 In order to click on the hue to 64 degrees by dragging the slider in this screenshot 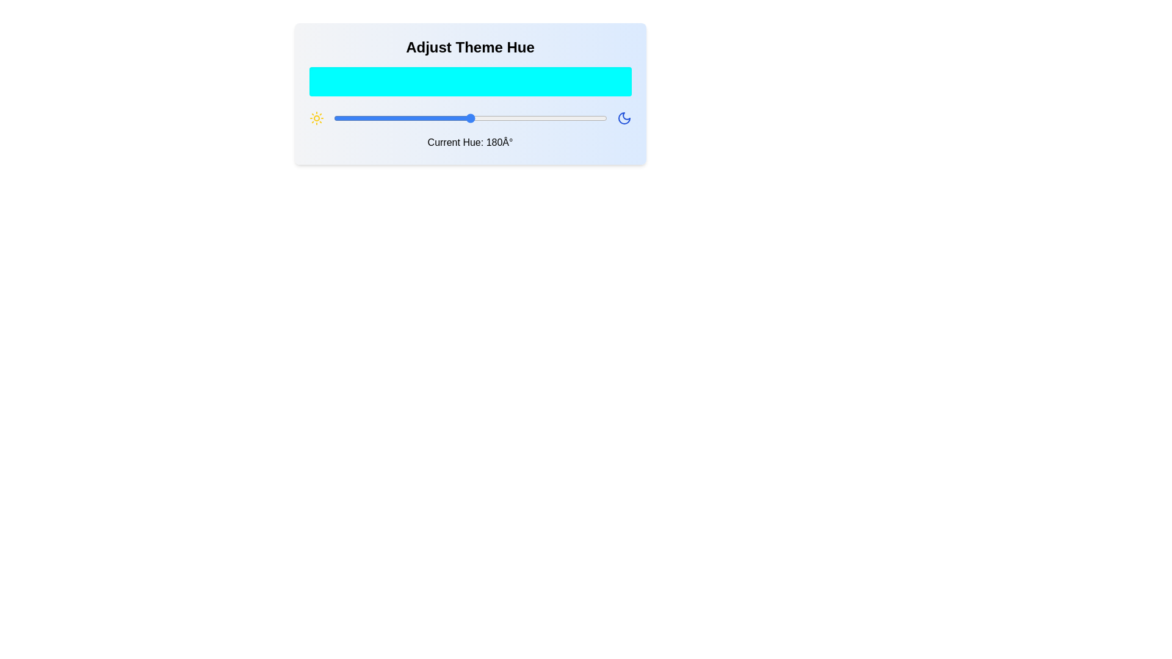, I will do `click(382, 118)`.